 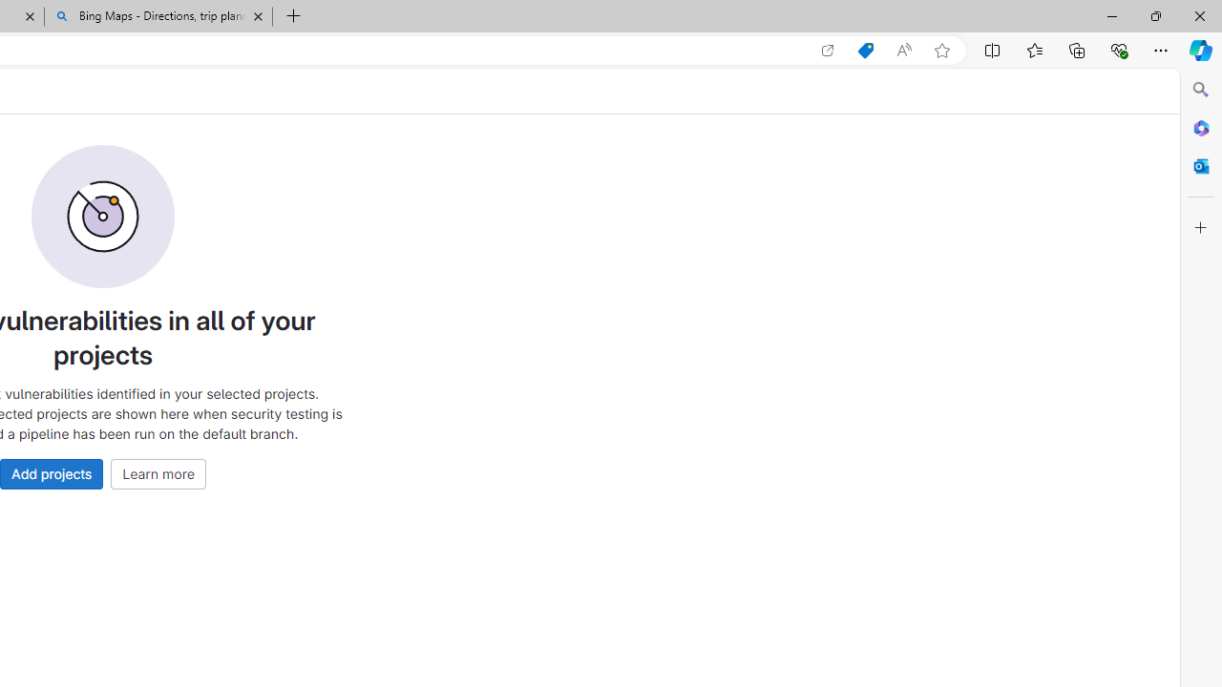 What do you see at coordinates (902, 50) in the screenshot?
I see `'Read aloud this page (Ctrl+Shift+U)'` at bounding box center [902, 50].